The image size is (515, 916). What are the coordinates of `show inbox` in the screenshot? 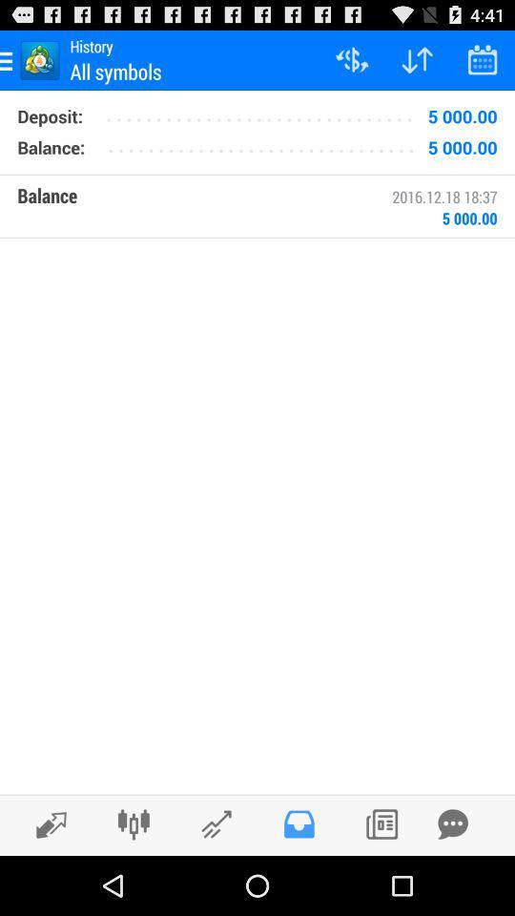 It's located at (299, 823).